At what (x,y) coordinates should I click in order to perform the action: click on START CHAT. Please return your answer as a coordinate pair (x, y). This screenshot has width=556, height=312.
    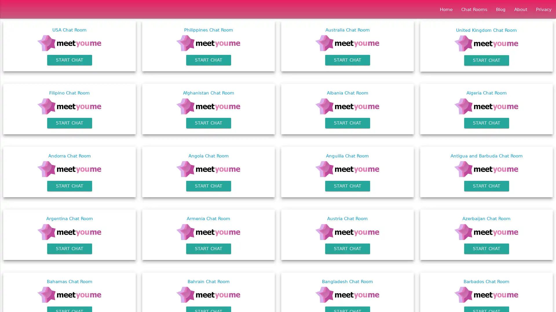
    Looking at the image, I should click on (208, 60).